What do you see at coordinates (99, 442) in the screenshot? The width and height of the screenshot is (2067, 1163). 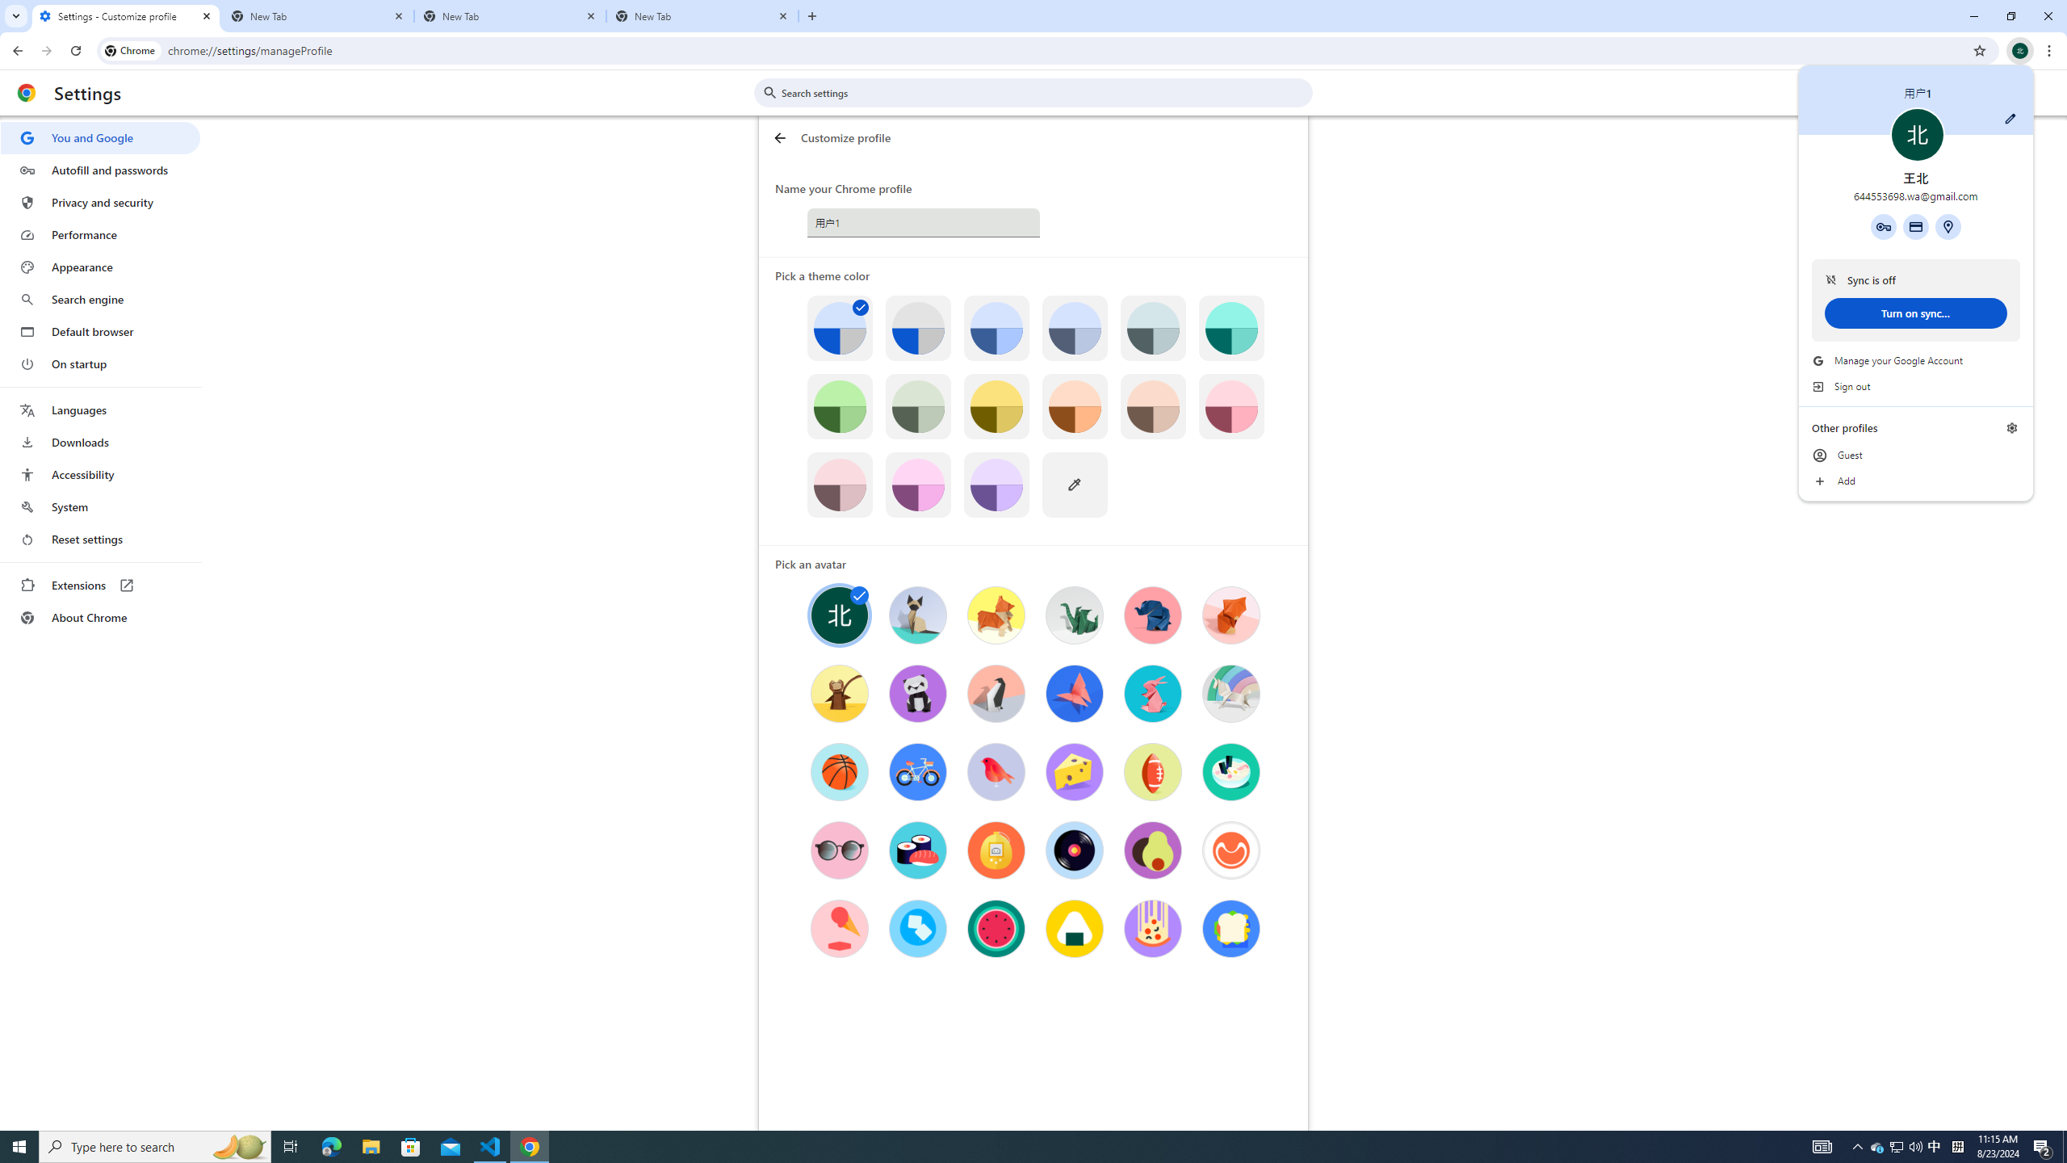 I see `'Downloads'` at bounding box center [99, 442].